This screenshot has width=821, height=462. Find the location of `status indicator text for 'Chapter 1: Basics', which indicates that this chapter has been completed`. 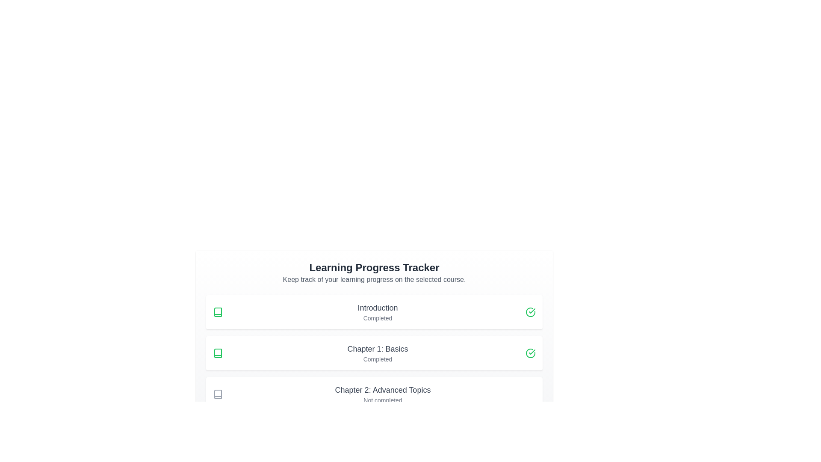

status indicator text for 'Chapter 1: Basics', which indicates that this chapter has been completed is located at coordinates (377, 359).